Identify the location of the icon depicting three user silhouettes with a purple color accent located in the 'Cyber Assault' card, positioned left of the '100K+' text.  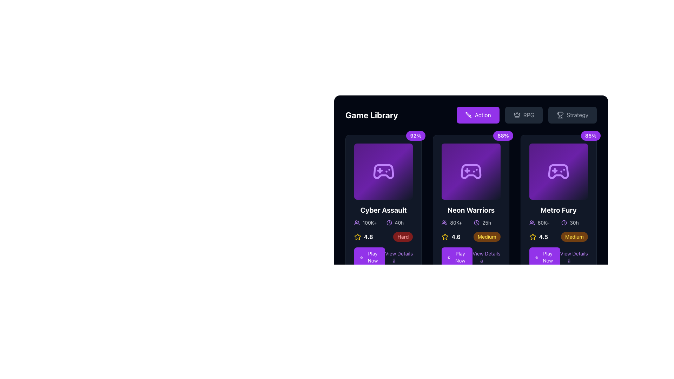
(357, 223).